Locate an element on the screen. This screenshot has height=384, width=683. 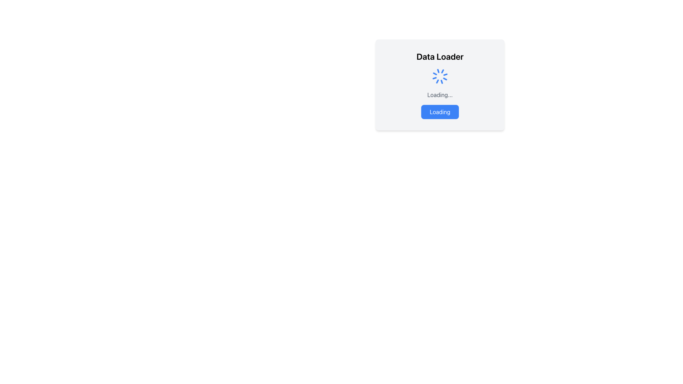
the static text label indicating loading status, which is located within the 'Data Loader' component, positioned centrally beneath the spinning loader icon and above the 'Loading' button is located at coordinates (440, 94).